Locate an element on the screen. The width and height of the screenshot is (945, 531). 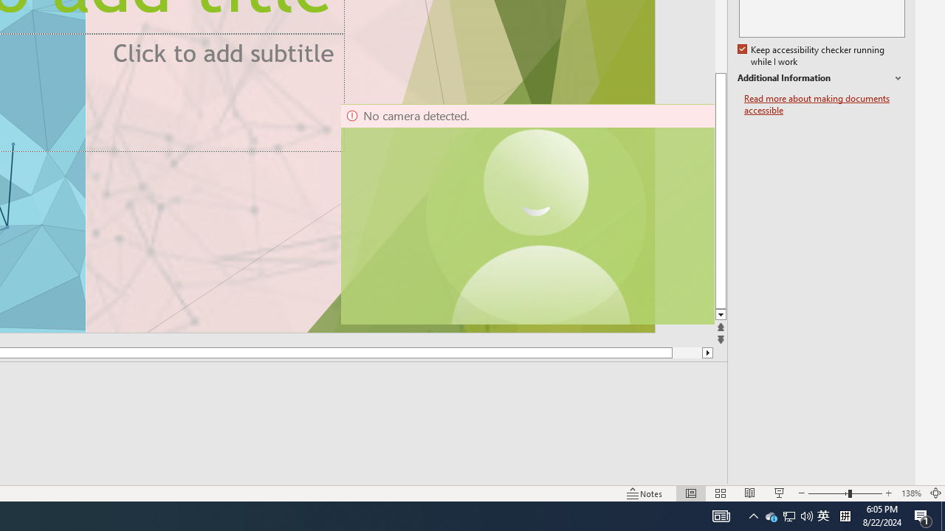
'Normal' is located at coordinates (690, 493).